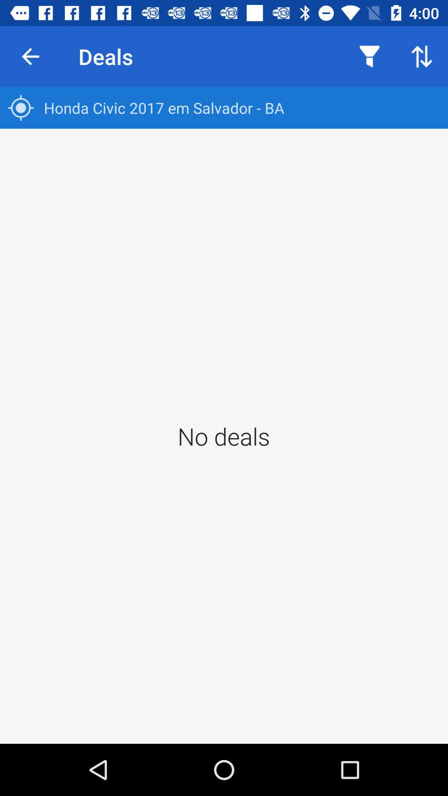 This screenshot has height=796, width=448. I want to click on item next to the deals, so click(369, 56).